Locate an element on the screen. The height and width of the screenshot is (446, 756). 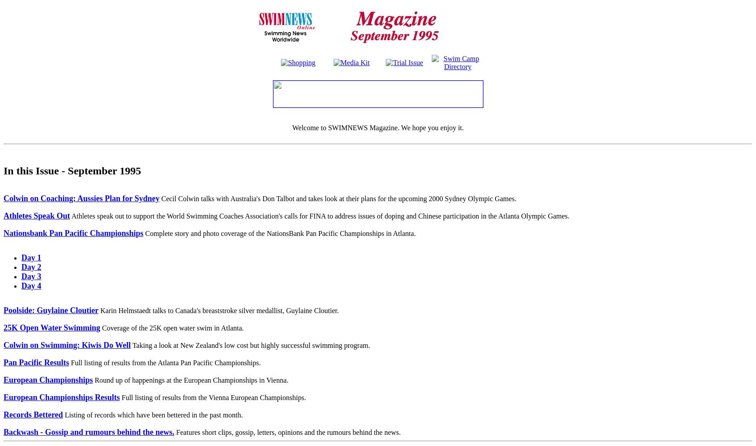
'Full listing of results from the Vienna European Championships.' is located at coordinates (119, 397).